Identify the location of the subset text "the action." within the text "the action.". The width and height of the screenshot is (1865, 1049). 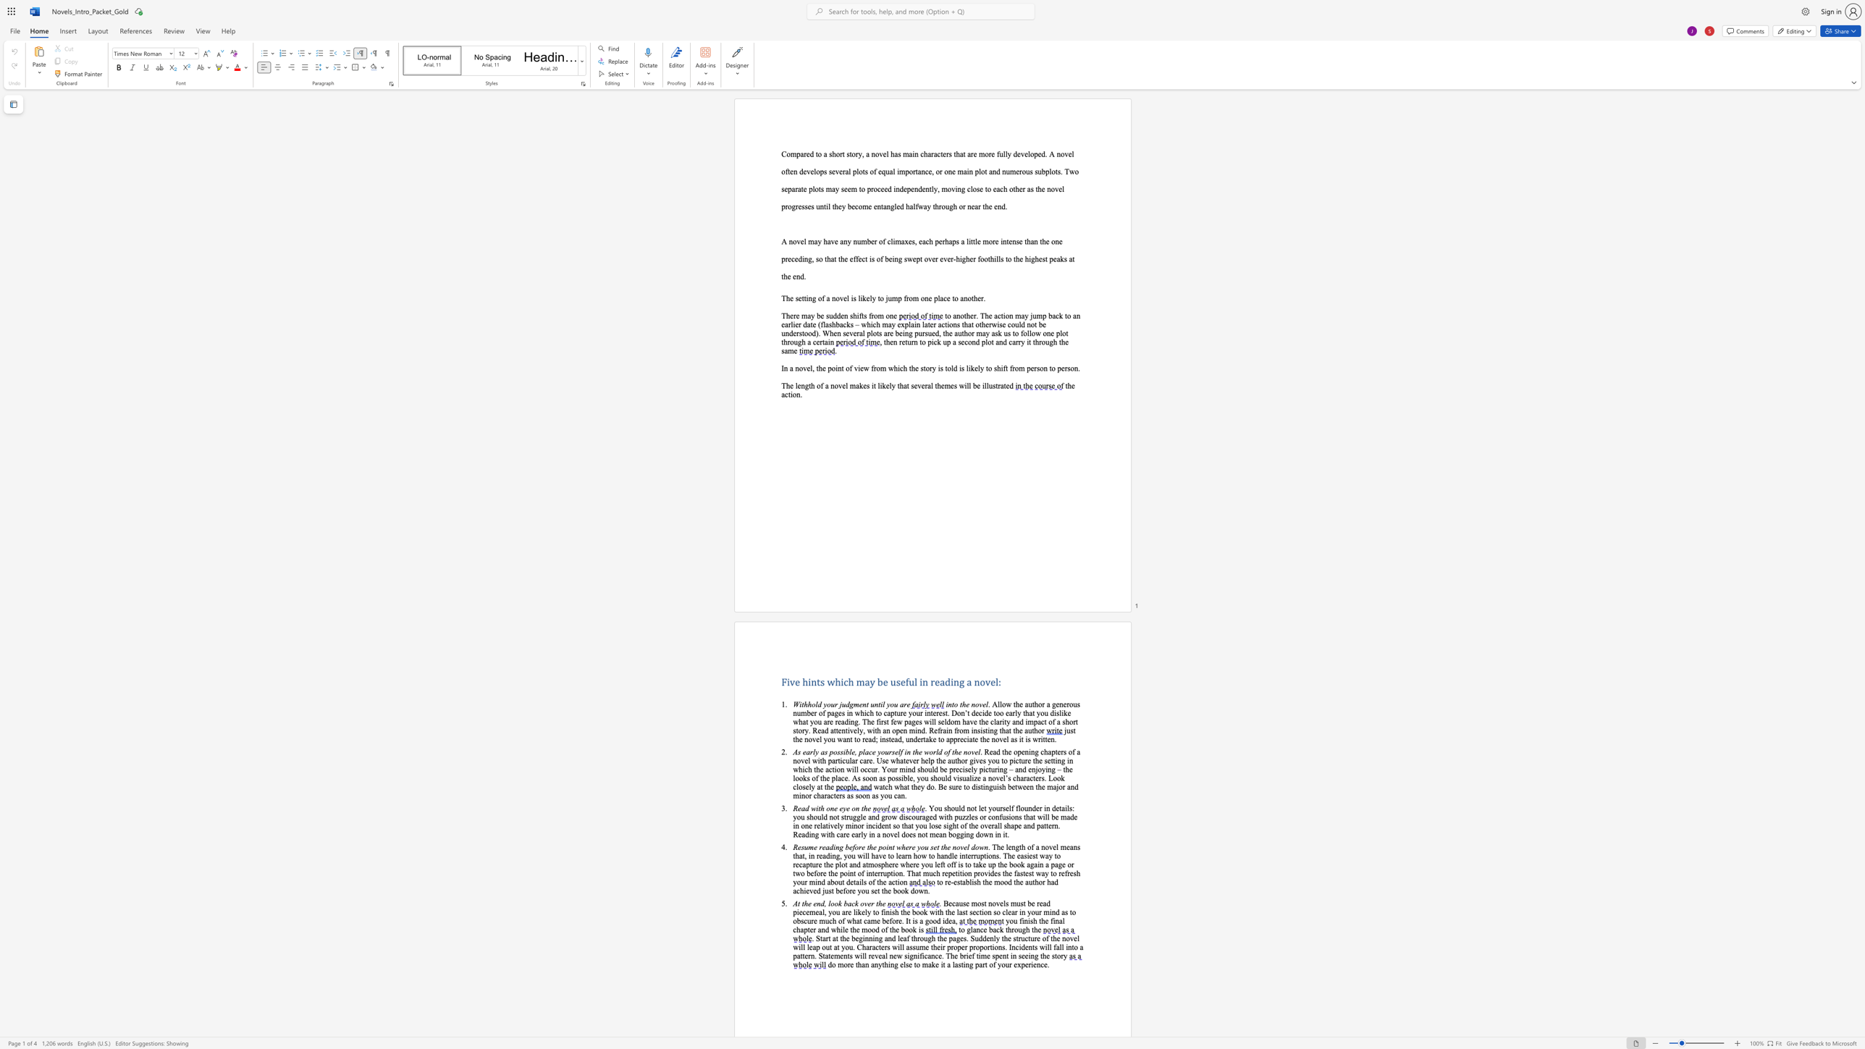
(1064, 386).